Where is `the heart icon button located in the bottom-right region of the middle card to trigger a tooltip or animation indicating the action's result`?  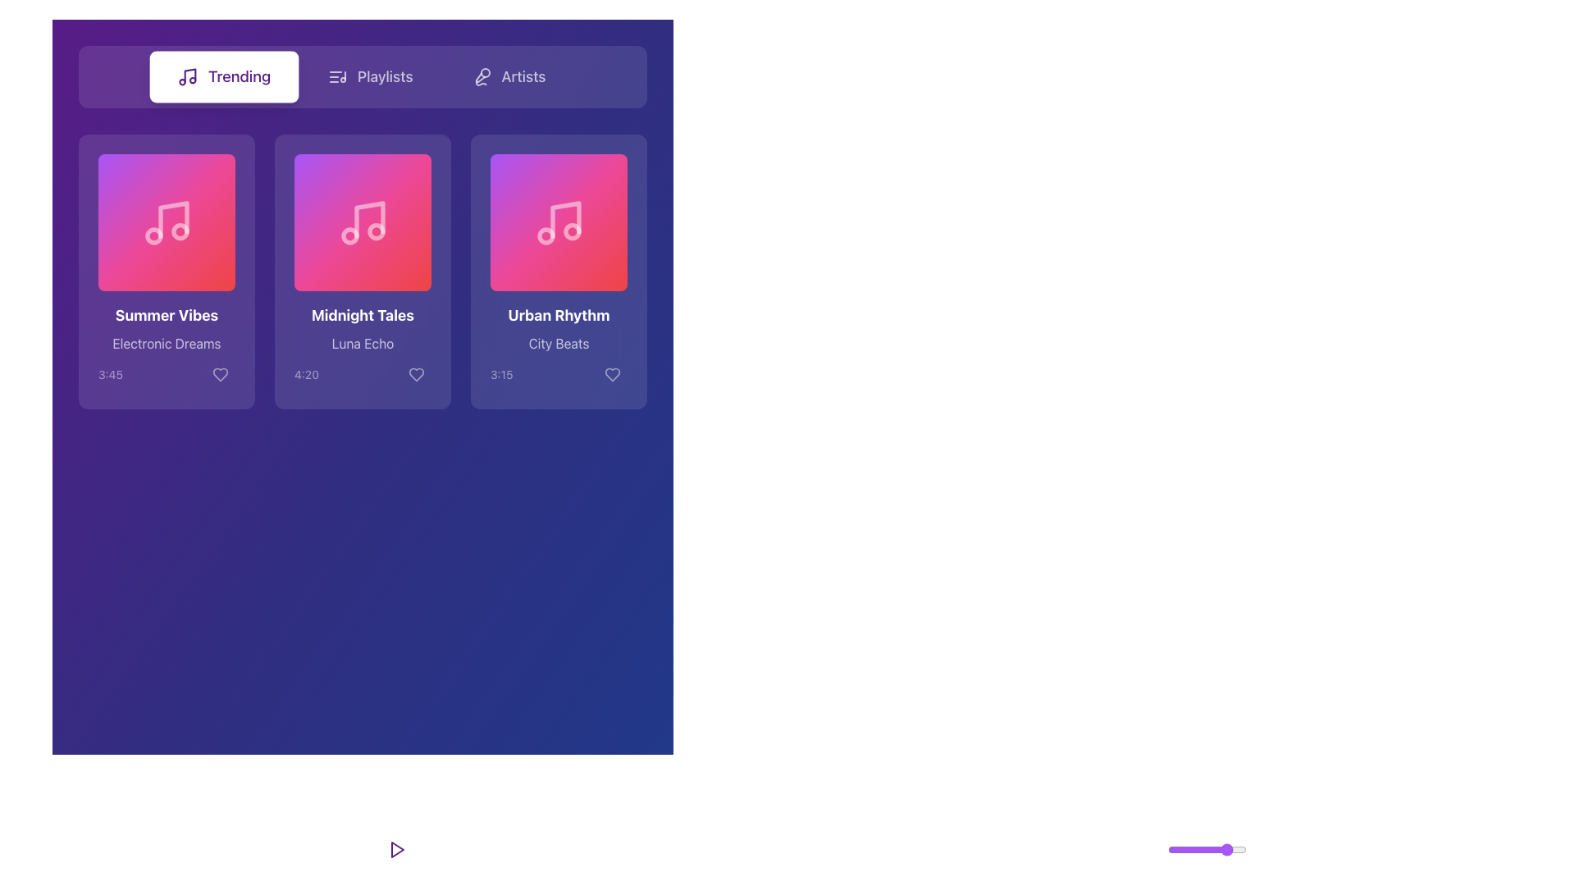
the heart icon button located in the bottom-right region of the middle card to trigger a tooltip or animation indicating the action's result is located at coordinates (417, 374).